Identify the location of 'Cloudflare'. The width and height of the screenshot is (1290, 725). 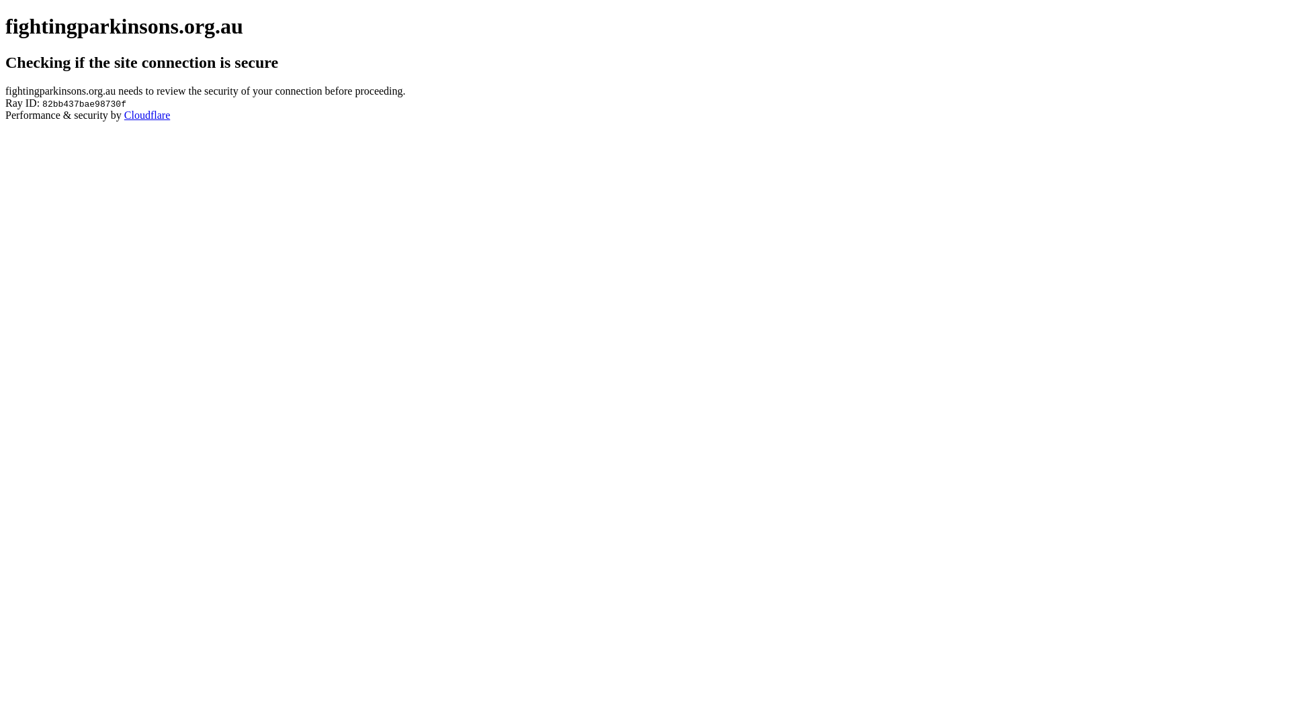
(147, 114).